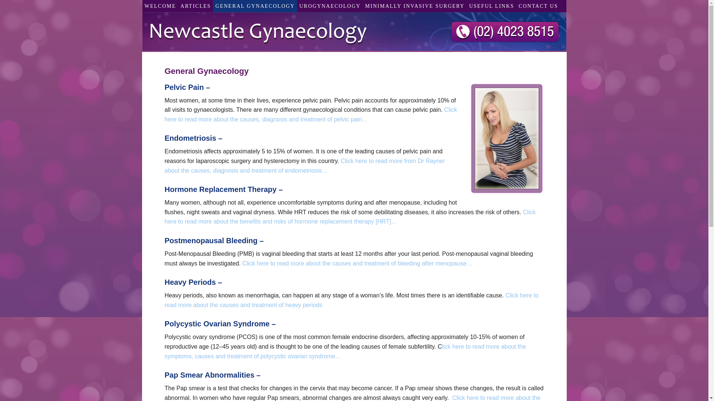 This screenshot has height=401, width=714. Describe the element at coordinates (142, 6) in the screenshot. I see `'WELCOME'` at that location.